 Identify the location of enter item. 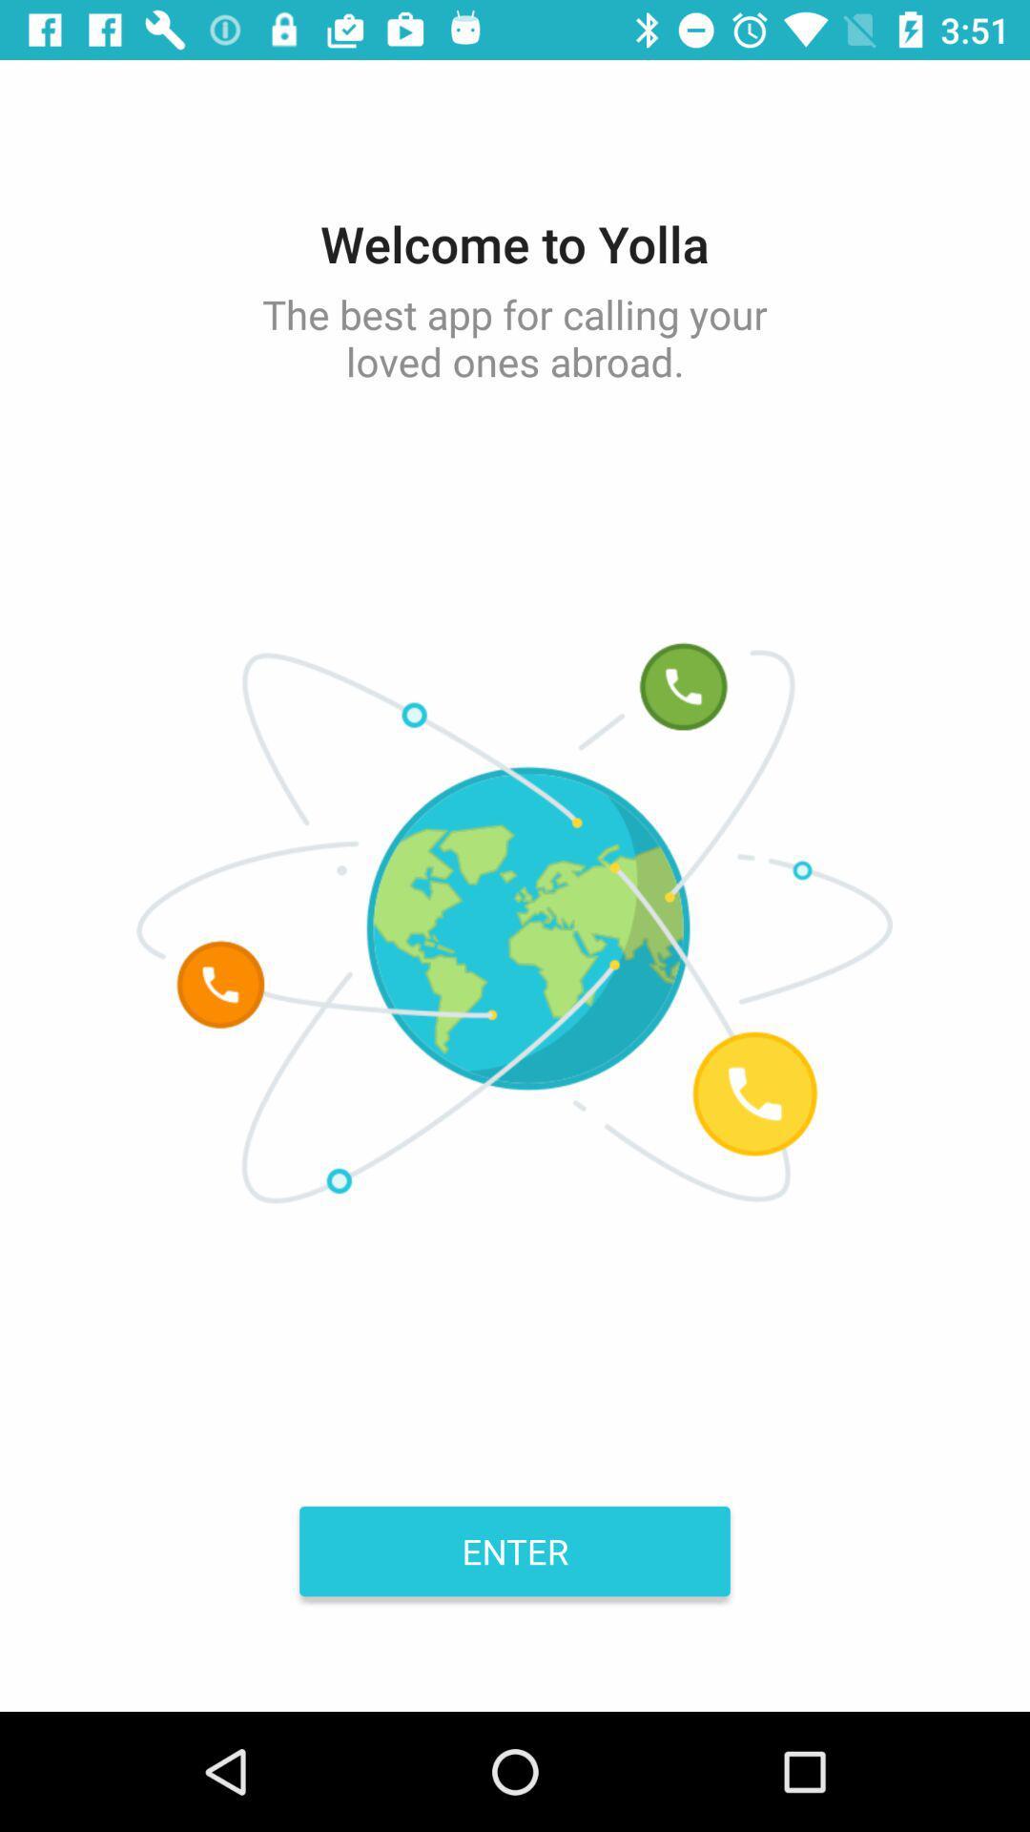
(515, 1551).